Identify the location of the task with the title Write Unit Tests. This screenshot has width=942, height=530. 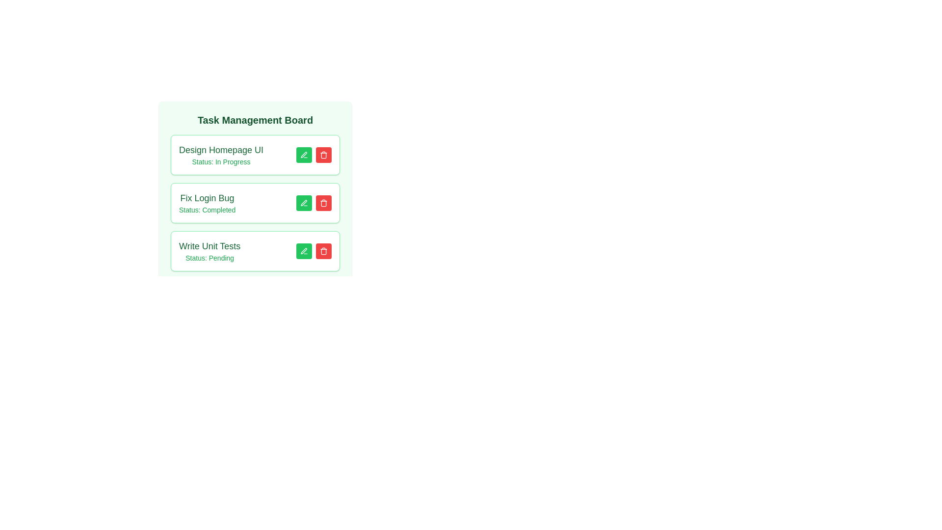
(324, 251).